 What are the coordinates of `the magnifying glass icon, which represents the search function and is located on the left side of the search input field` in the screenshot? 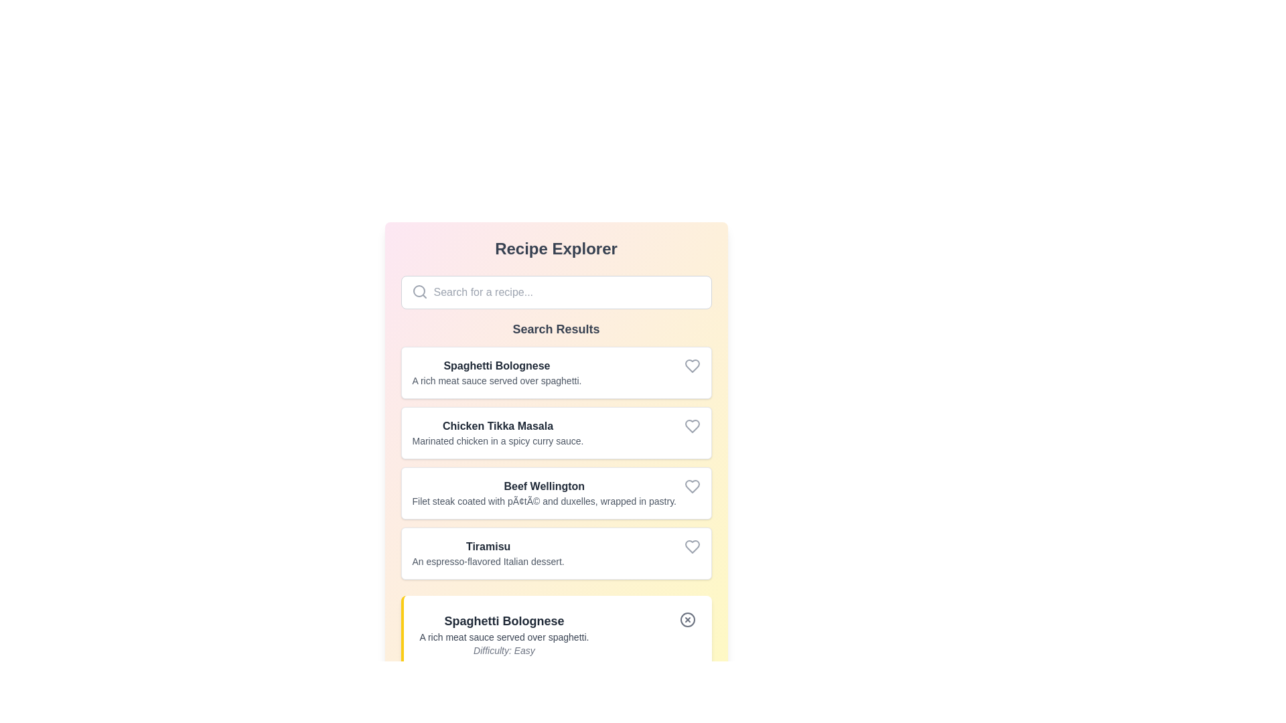 It's located at (419, 291).